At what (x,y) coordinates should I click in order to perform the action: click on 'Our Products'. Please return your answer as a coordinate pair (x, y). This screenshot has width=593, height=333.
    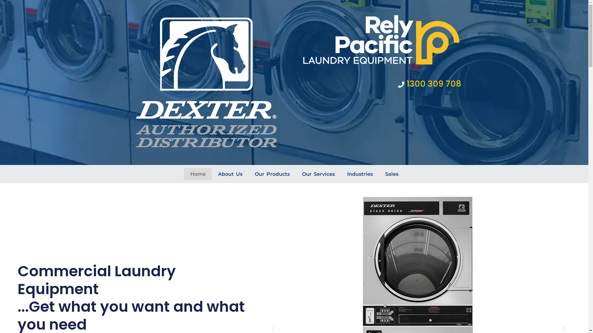
    Looking at the image, I should click on (272, 174).